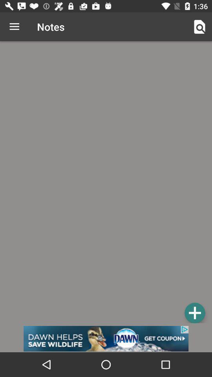 This screenshot has width=212, height=377. I want to click on note, so click(194, 313).